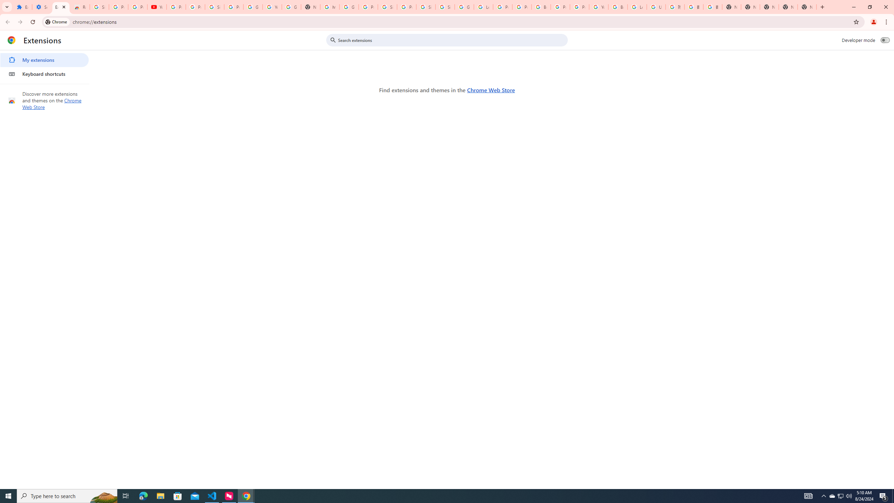  What do you see at coordinates (387, 7) in the screenshot?
I see `'Sign in - Google Accounts'` at bounding box center [387, 7].